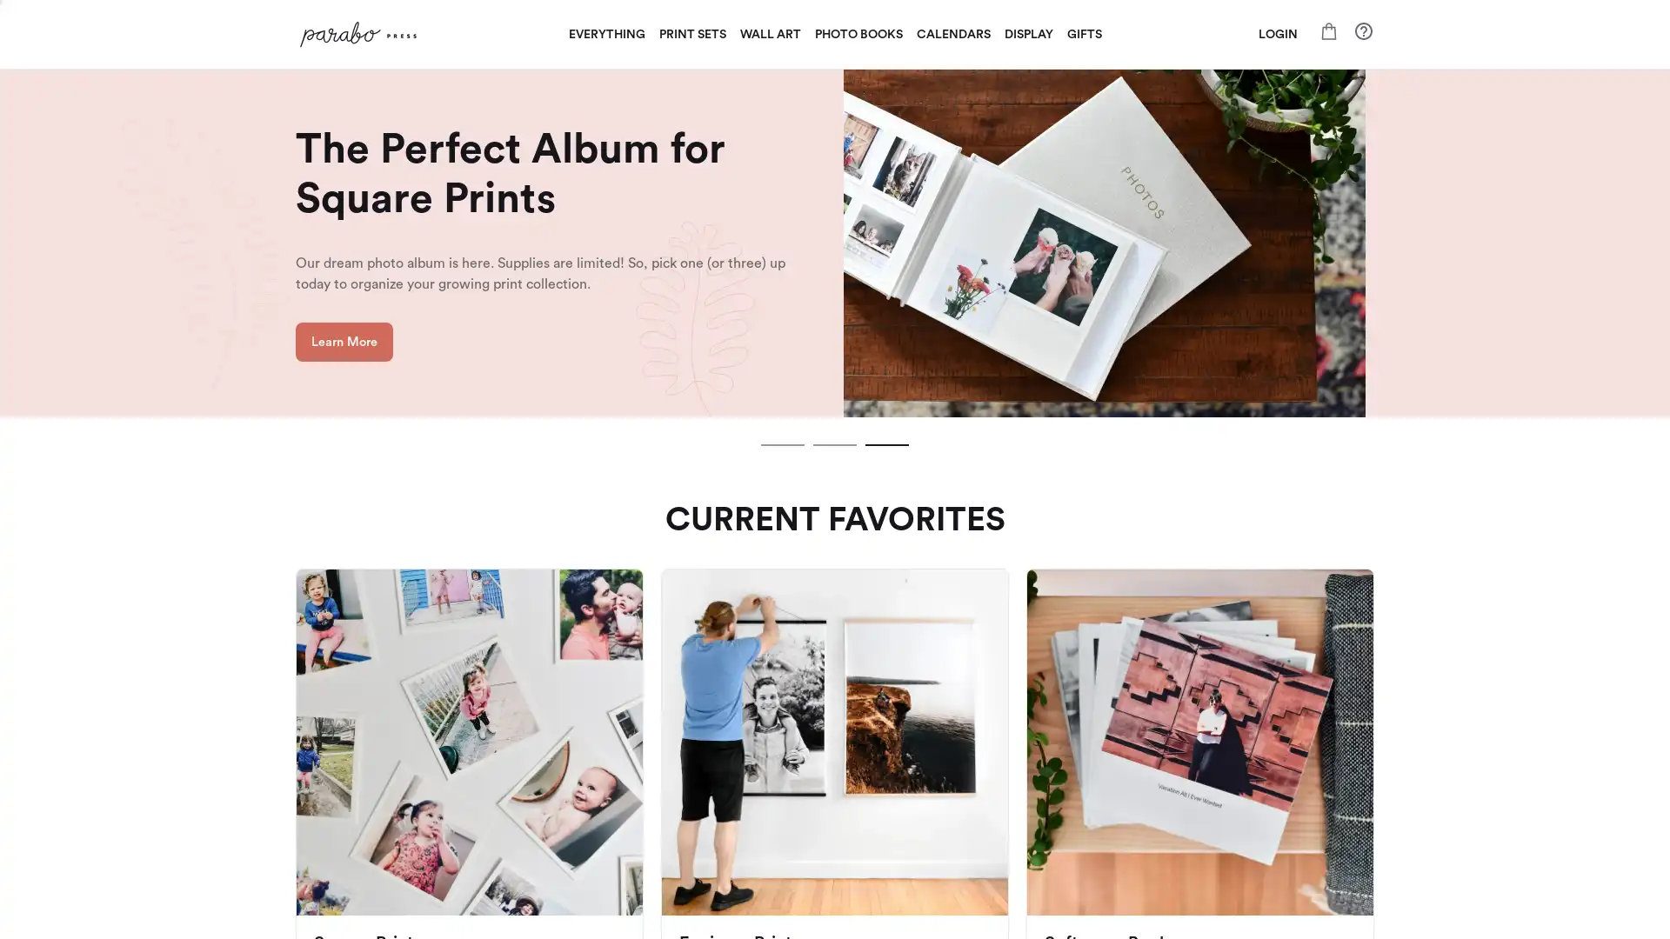  Describe the element at coordinates (782, 444) in the screenshot. I see `slide dot` at that location.